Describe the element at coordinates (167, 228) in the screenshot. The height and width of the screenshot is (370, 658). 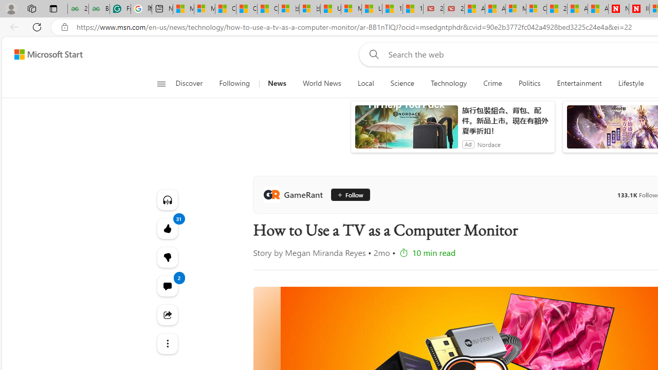
I see `'31 Like'` at that location.